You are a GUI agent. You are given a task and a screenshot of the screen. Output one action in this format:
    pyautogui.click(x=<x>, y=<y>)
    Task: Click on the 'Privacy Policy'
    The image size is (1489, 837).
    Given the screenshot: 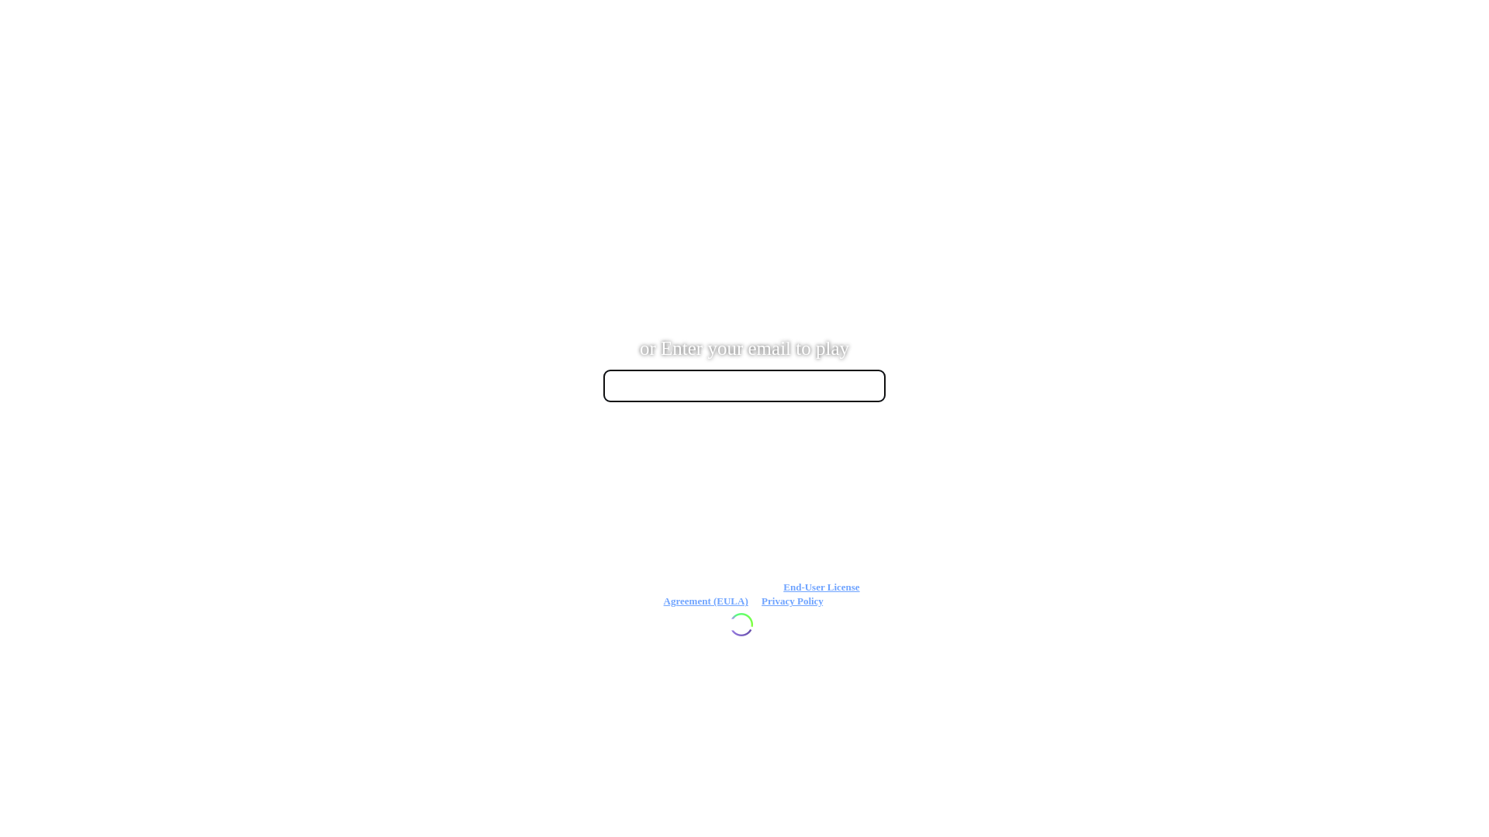 What is the action you would take?
    pyautogui.click(x=762, y=600)
    